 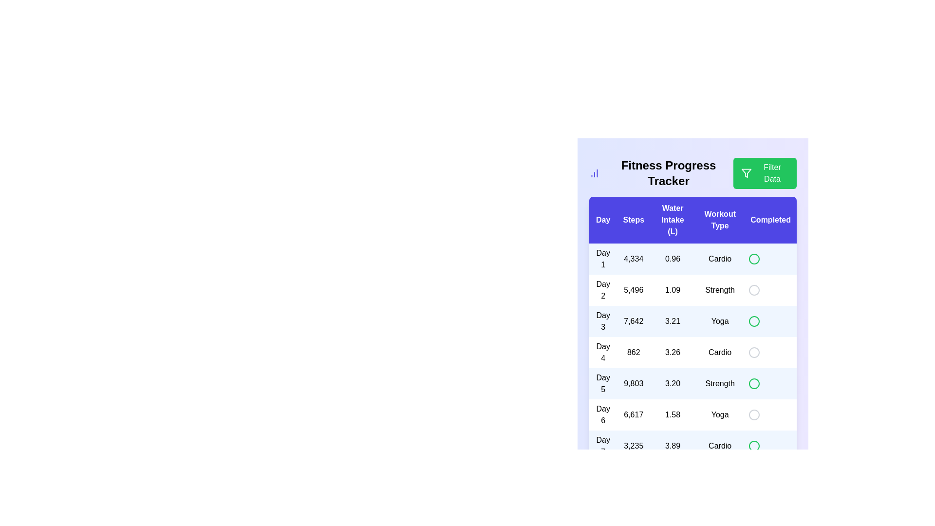 I want to click on the header of the column 'Day' to sort the table by that column, so click(x=602, y=220).